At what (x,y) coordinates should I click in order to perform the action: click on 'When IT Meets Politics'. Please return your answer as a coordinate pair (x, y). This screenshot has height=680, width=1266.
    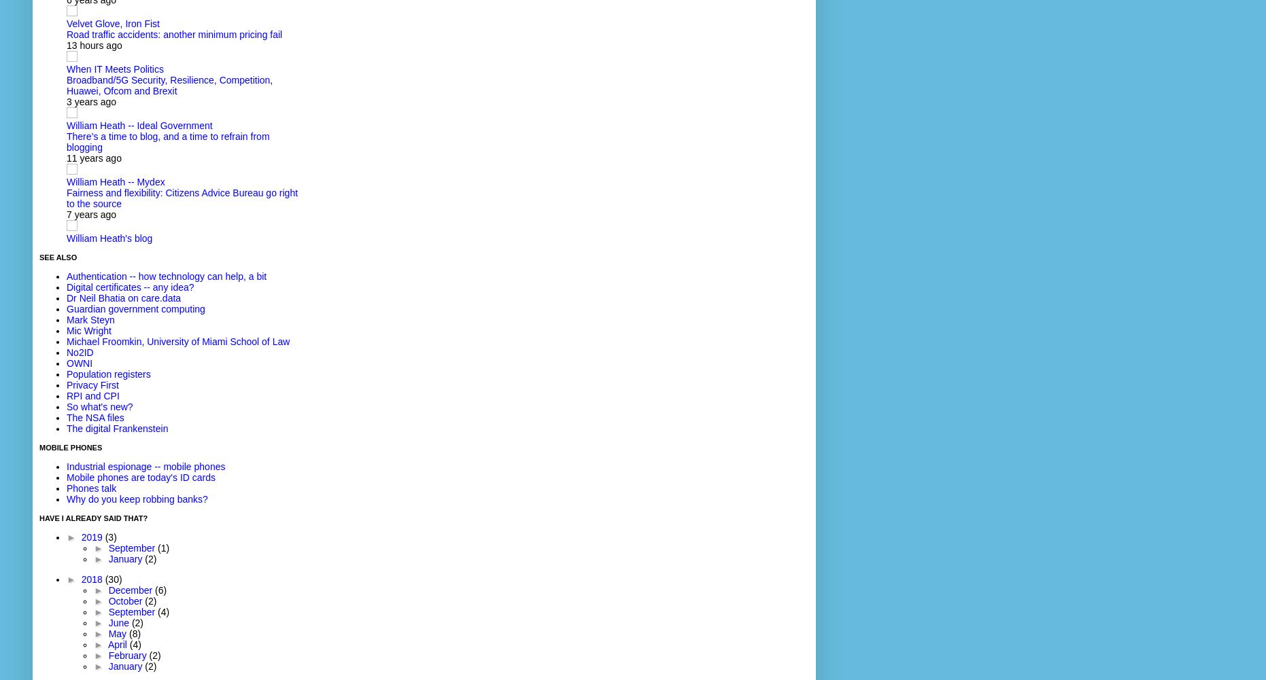
    Looking at the image, I should click on (114, 69).